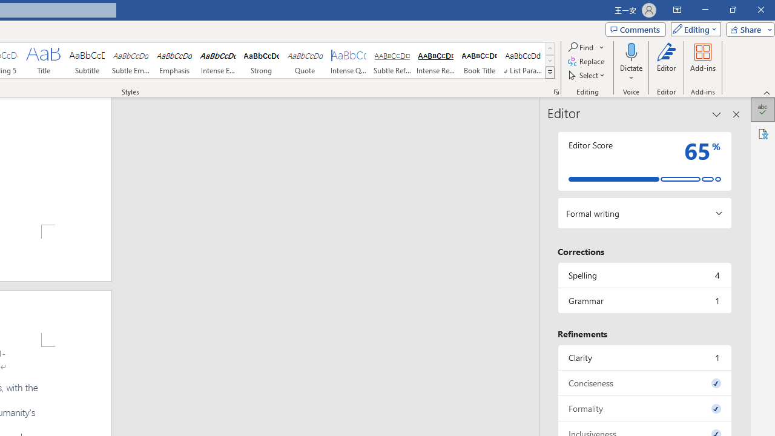 This screenshot has height=436, width=775. Describe the element at coordinates (644, 357) in the screenshot. I see `'Clarity, 1 issue. Press space or enter to review items.'` at that location.